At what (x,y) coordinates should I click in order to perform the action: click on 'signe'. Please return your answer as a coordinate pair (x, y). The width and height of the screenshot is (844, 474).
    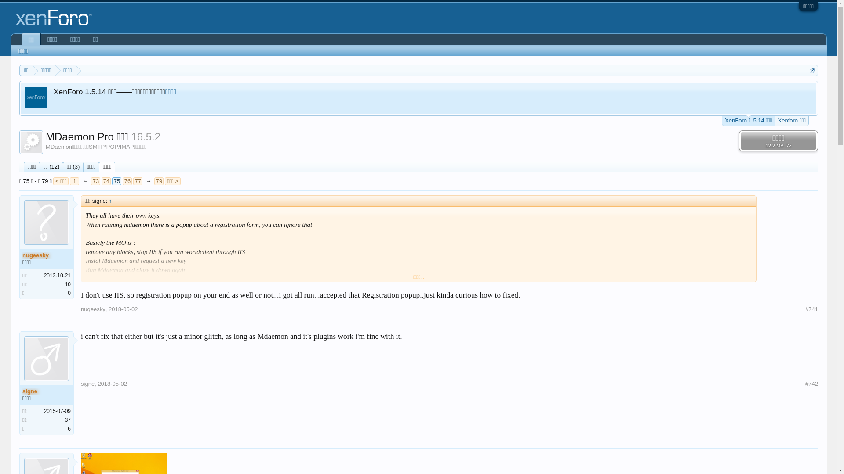
    Looking at the image, I should click on (46, 391).